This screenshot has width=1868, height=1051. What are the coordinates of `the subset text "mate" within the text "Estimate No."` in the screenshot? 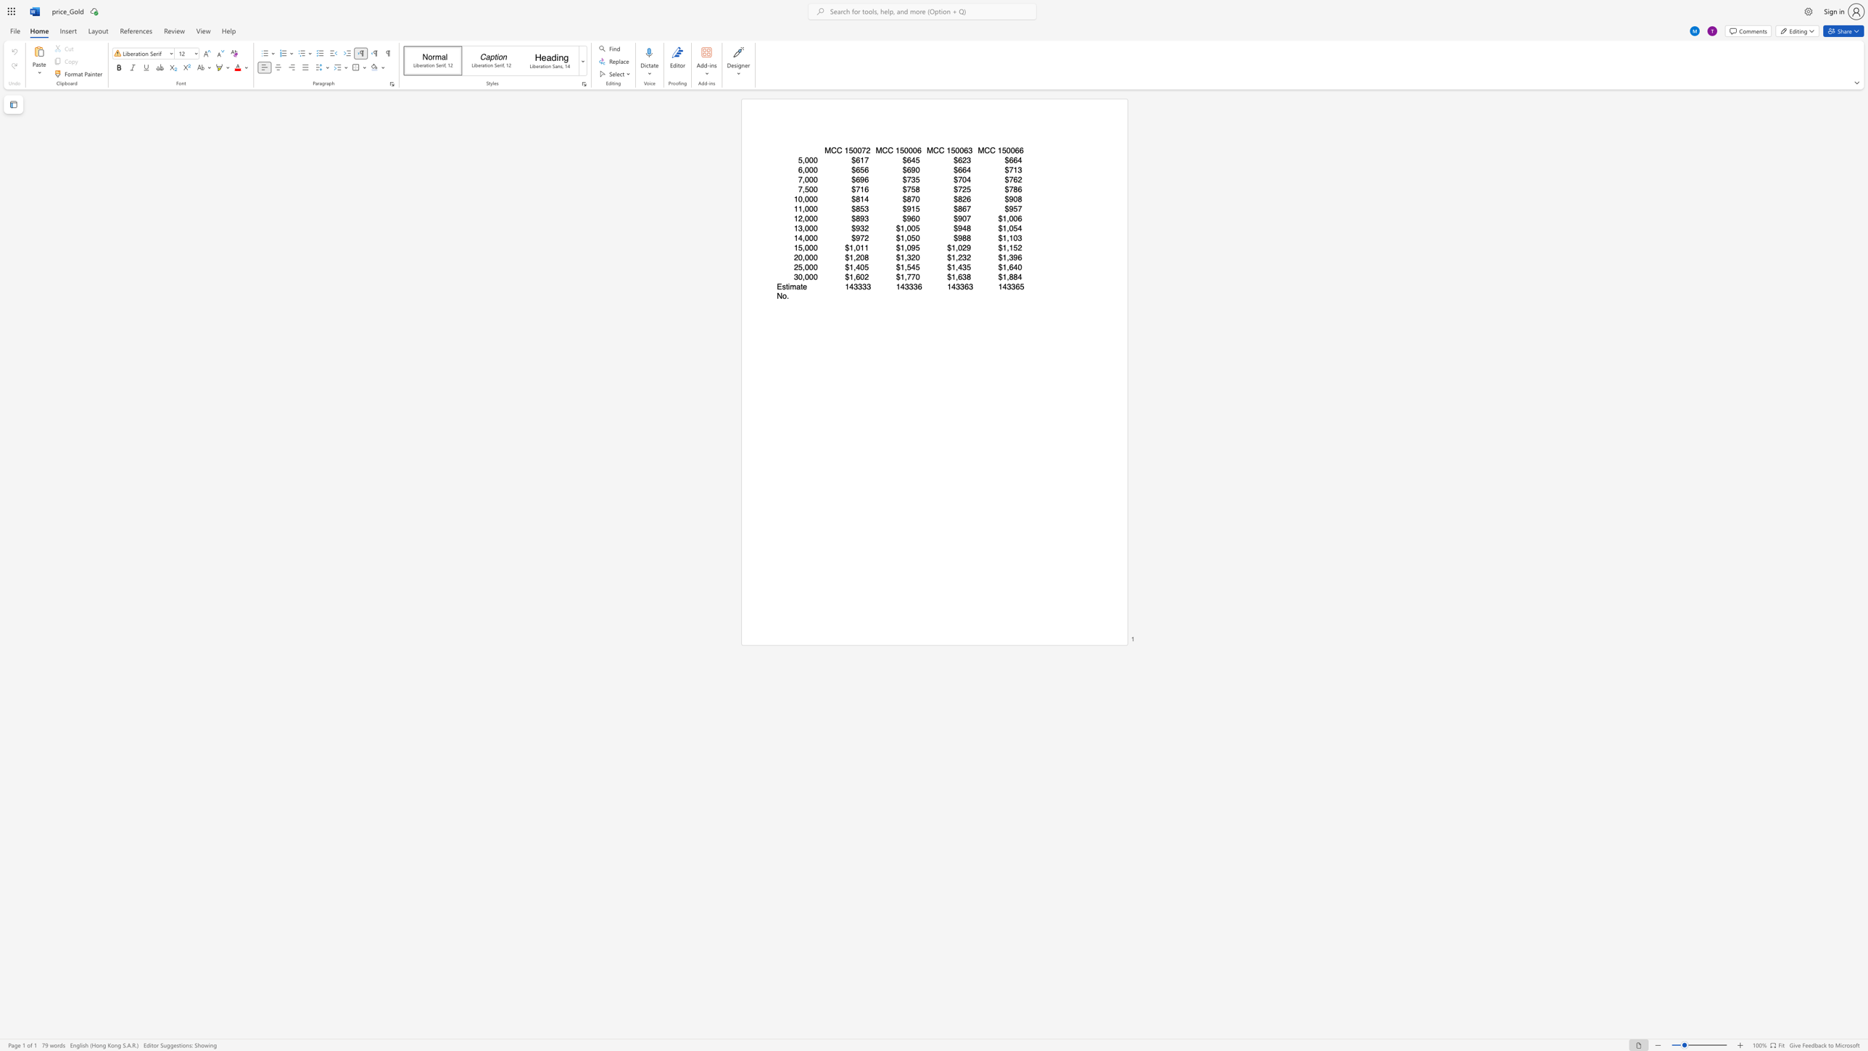 It's located at (789, 287).